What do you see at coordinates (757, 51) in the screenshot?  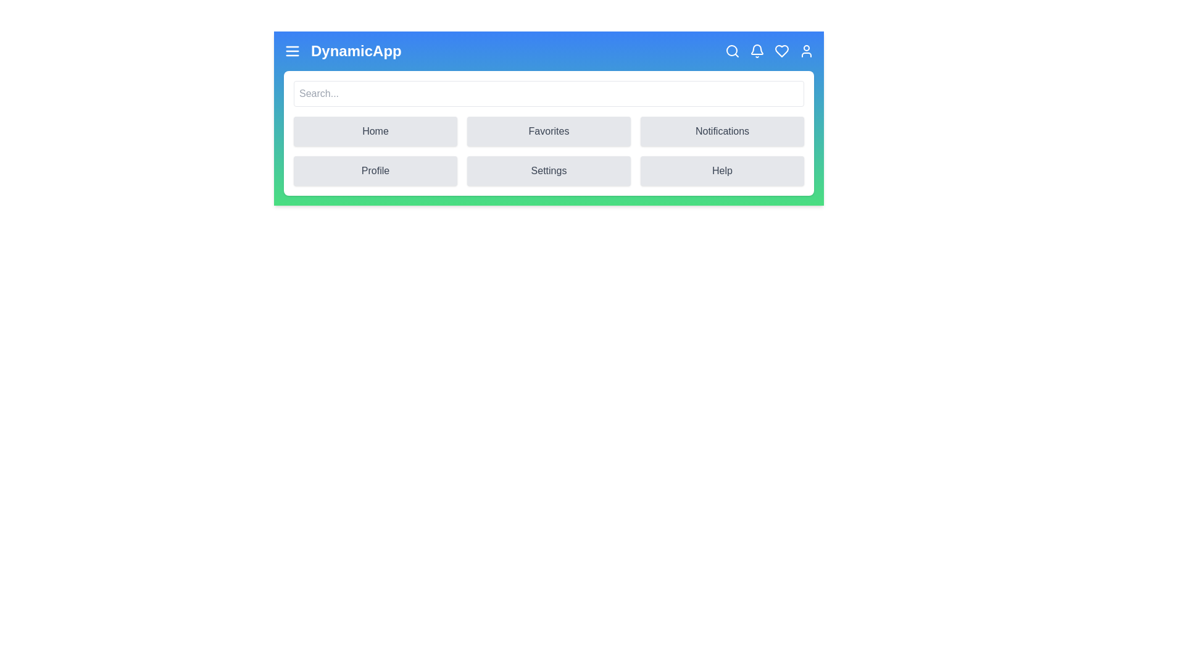 I see `the bell icon to view notifications` at bounding box center [757, 51].